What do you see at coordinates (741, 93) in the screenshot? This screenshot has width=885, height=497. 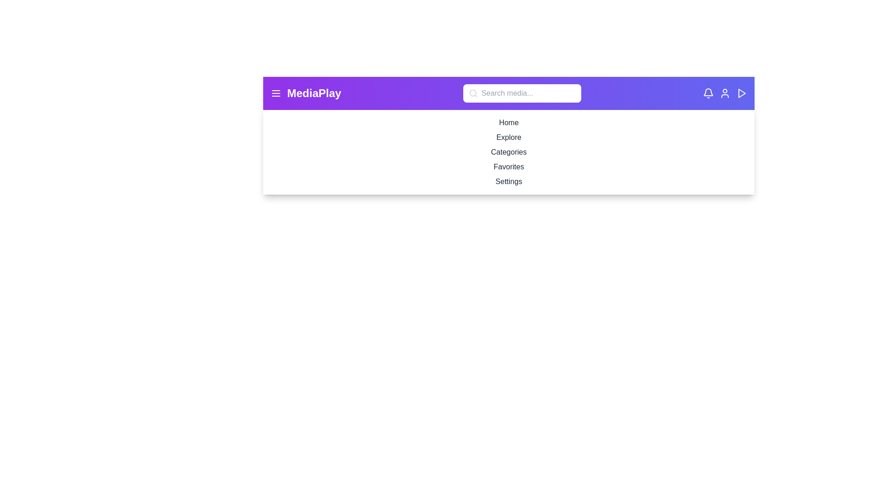 I see `the media play button located` at bounding box center [741, 93].